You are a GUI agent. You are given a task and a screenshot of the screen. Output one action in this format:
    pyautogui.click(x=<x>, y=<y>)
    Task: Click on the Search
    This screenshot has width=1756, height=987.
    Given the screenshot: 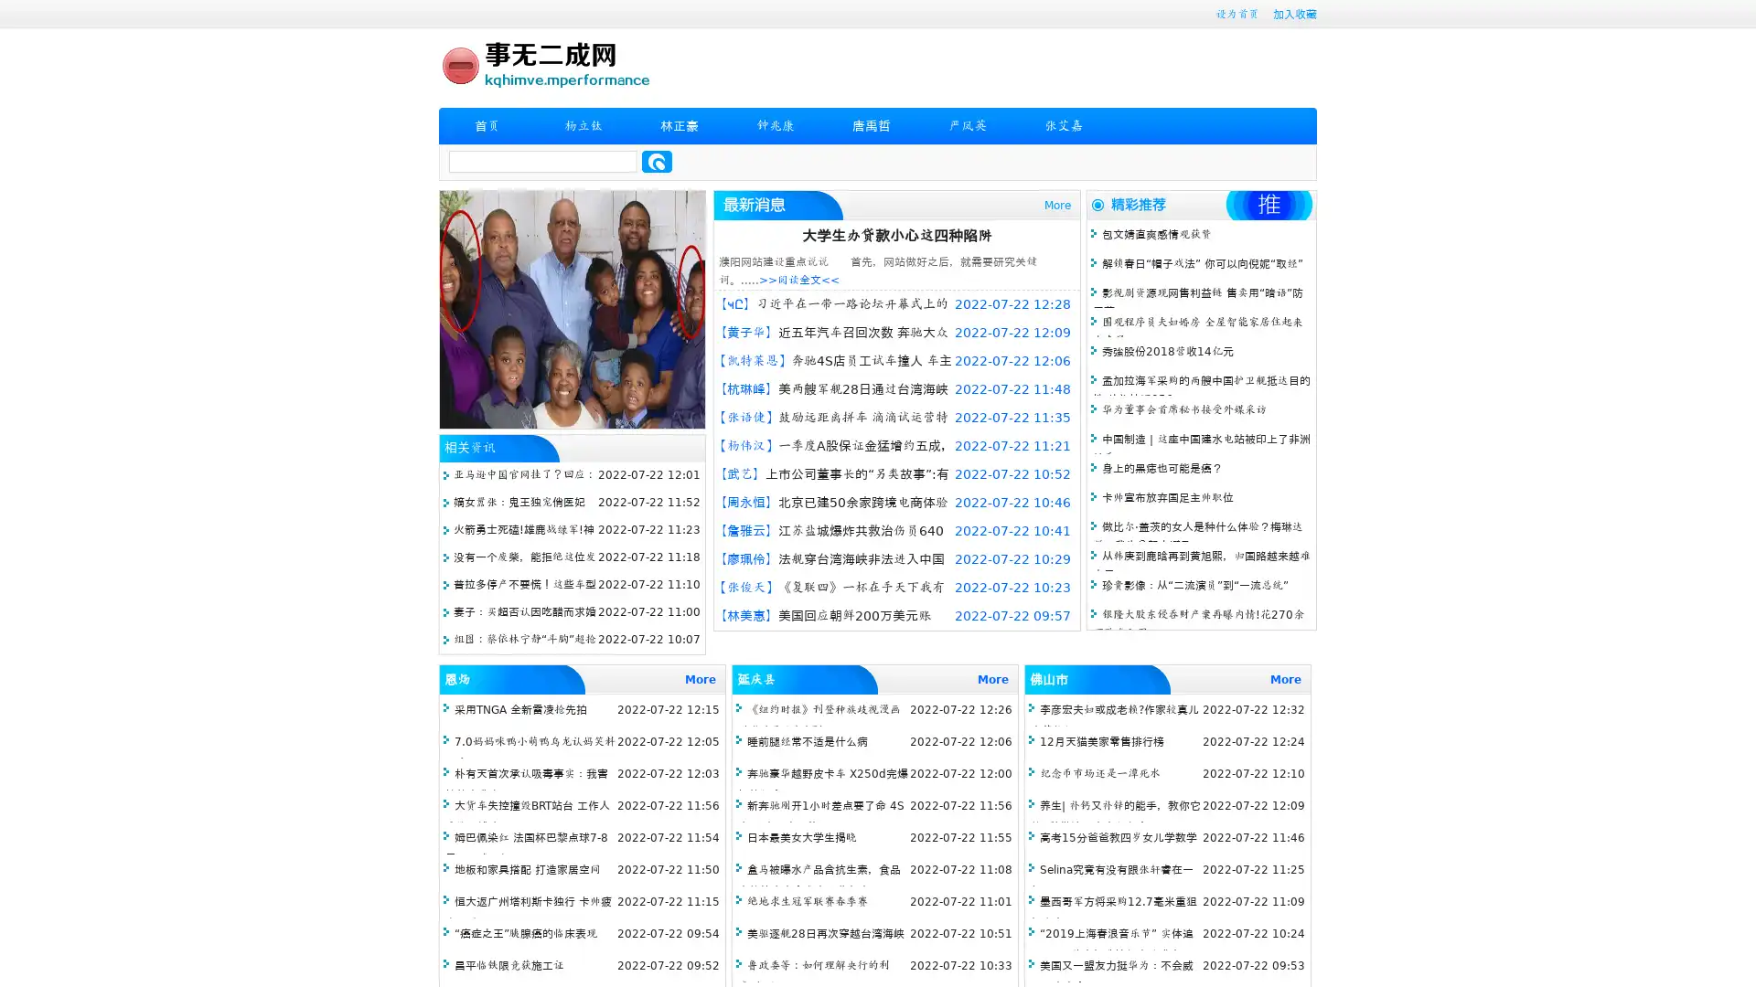 What is the action you would take?
    pyautogui.click(x=657, y=161)
    